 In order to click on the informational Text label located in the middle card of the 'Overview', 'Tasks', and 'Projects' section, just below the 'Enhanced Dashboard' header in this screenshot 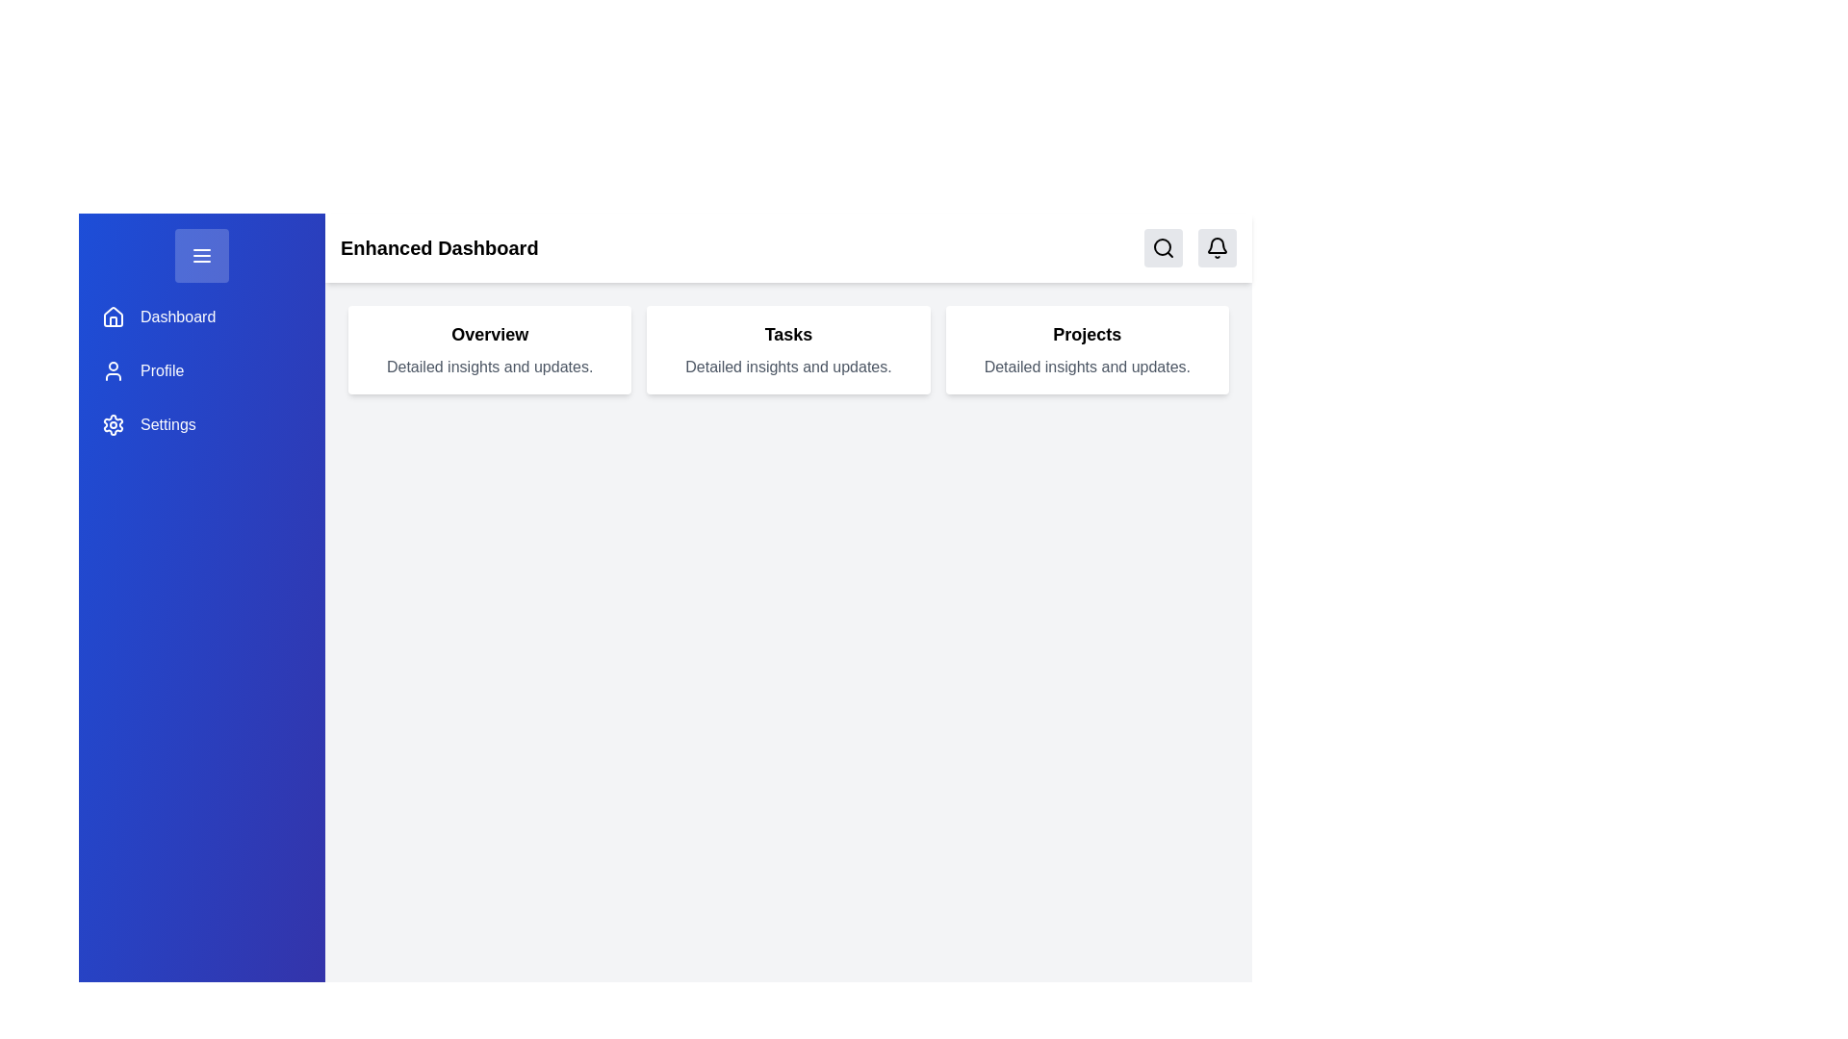, I will do `click(788, 367)`.